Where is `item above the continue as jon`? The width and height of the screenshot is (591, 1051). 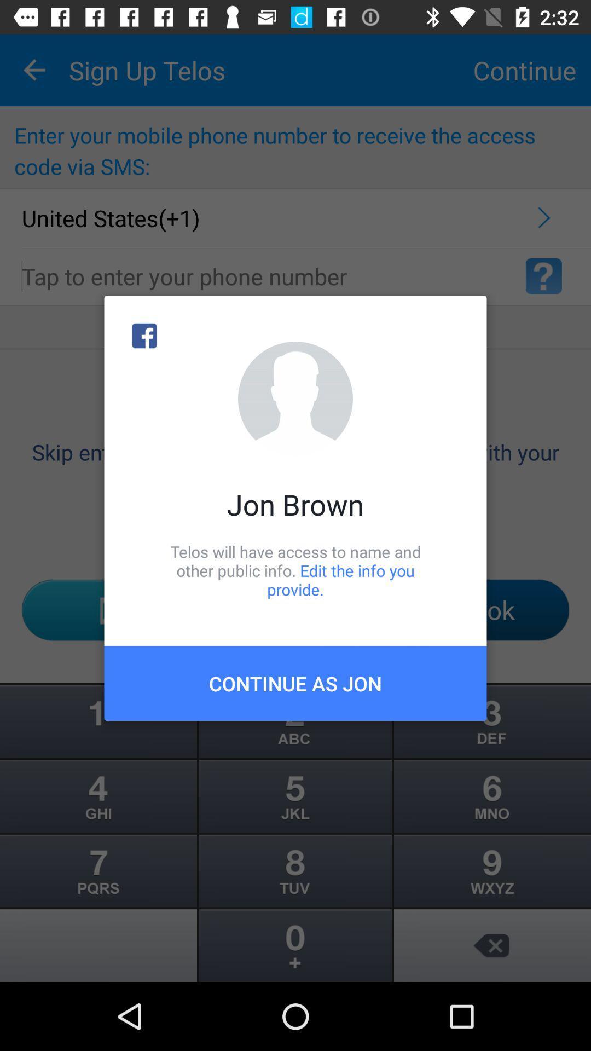 item above the continue as jon is located at coordinates (296, 570).